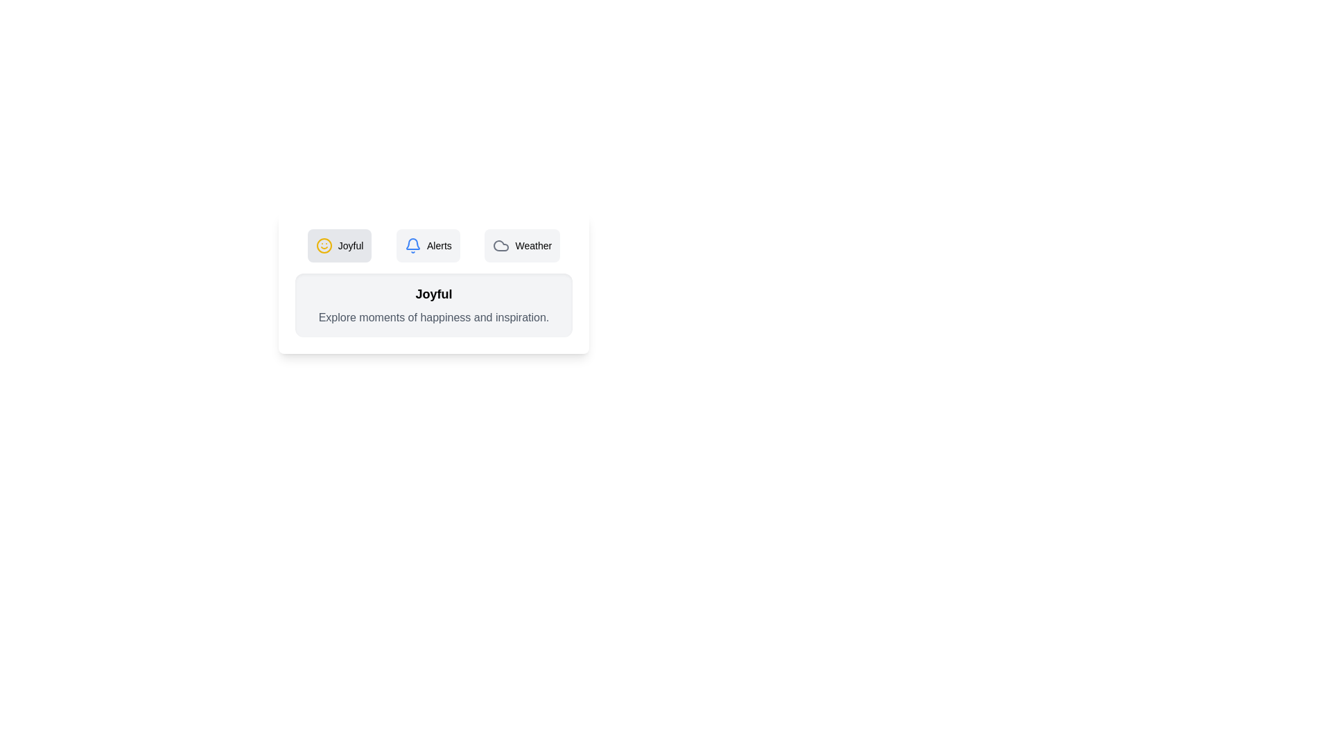 This screenshot has height=748, width=1331. I want to click on the text in the content area to select it, so click(433, 304).